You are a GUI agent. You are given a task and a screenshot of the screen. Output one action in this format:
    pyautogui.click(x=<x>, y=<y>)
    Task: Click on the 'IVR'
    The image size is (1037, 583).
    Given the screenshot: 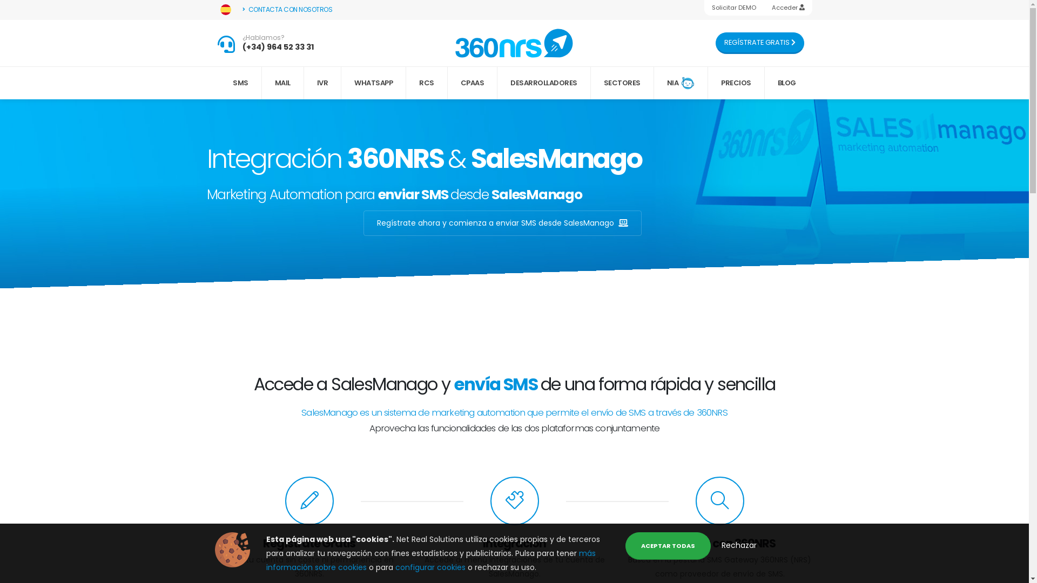 What is the action you would take?
    pyautogui.click(x=322, y=83)
    